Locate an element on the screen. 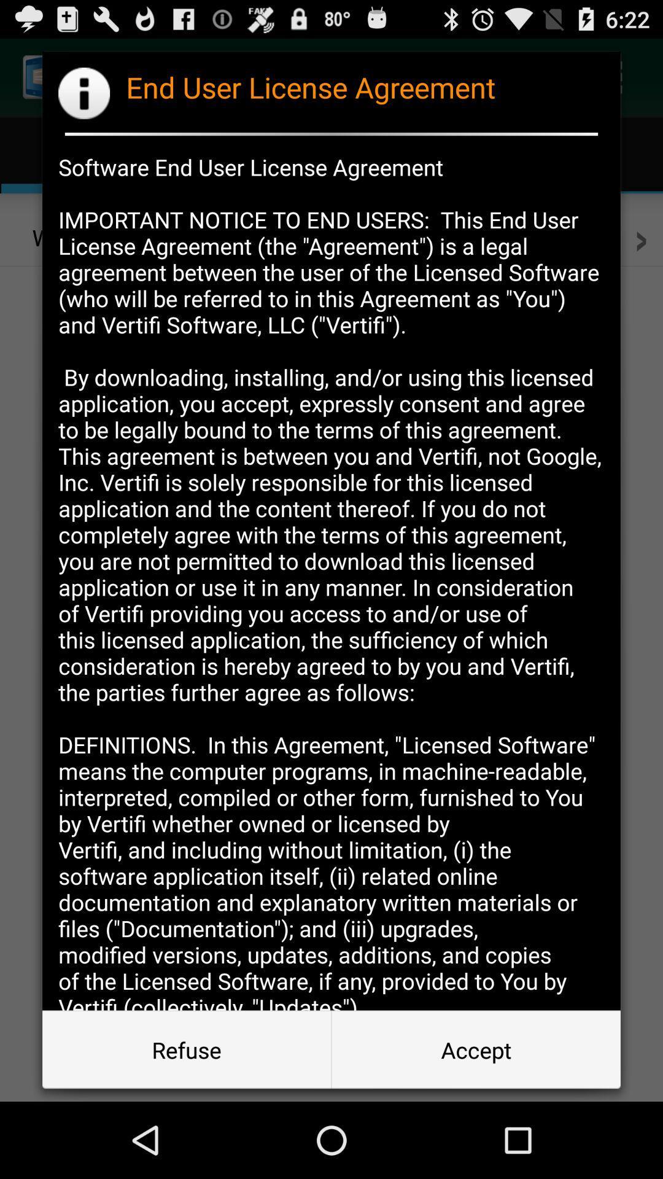 The image size is (663, 1179). the item to the right of refuse is located at coordinates (475, 1049).